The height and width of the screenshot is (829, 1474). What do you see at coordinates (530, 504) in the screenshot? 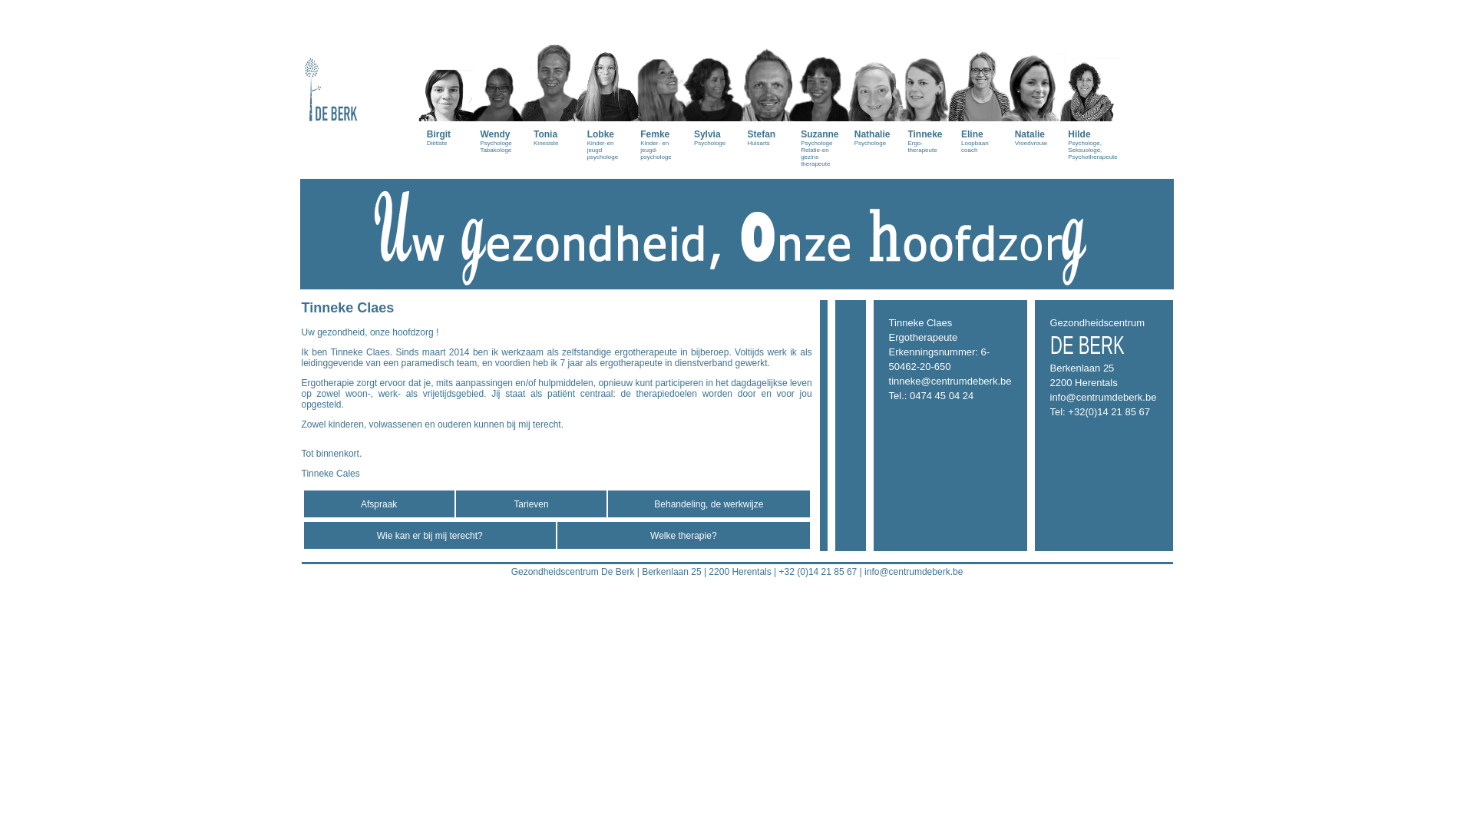
I see `'Tarieven'` at bounding box center [530, 504].